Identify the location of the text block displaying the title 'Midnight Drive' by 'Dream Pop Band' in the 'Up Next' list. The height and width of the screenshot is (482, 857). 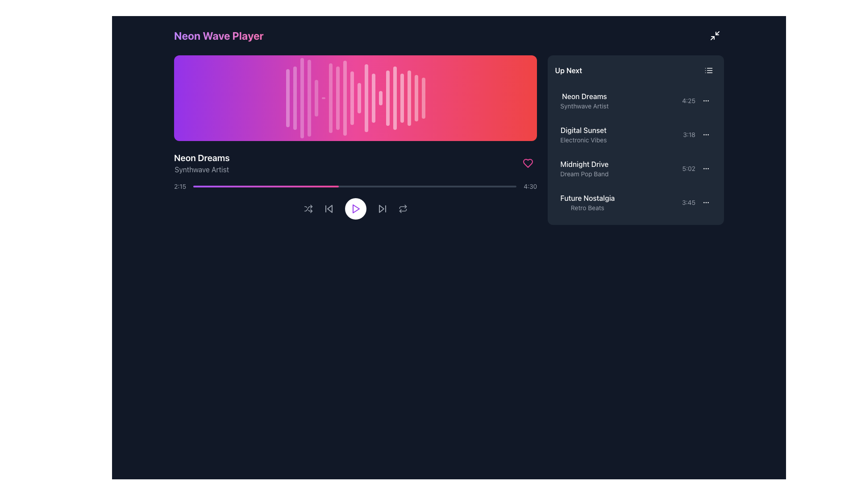
(584, 169).